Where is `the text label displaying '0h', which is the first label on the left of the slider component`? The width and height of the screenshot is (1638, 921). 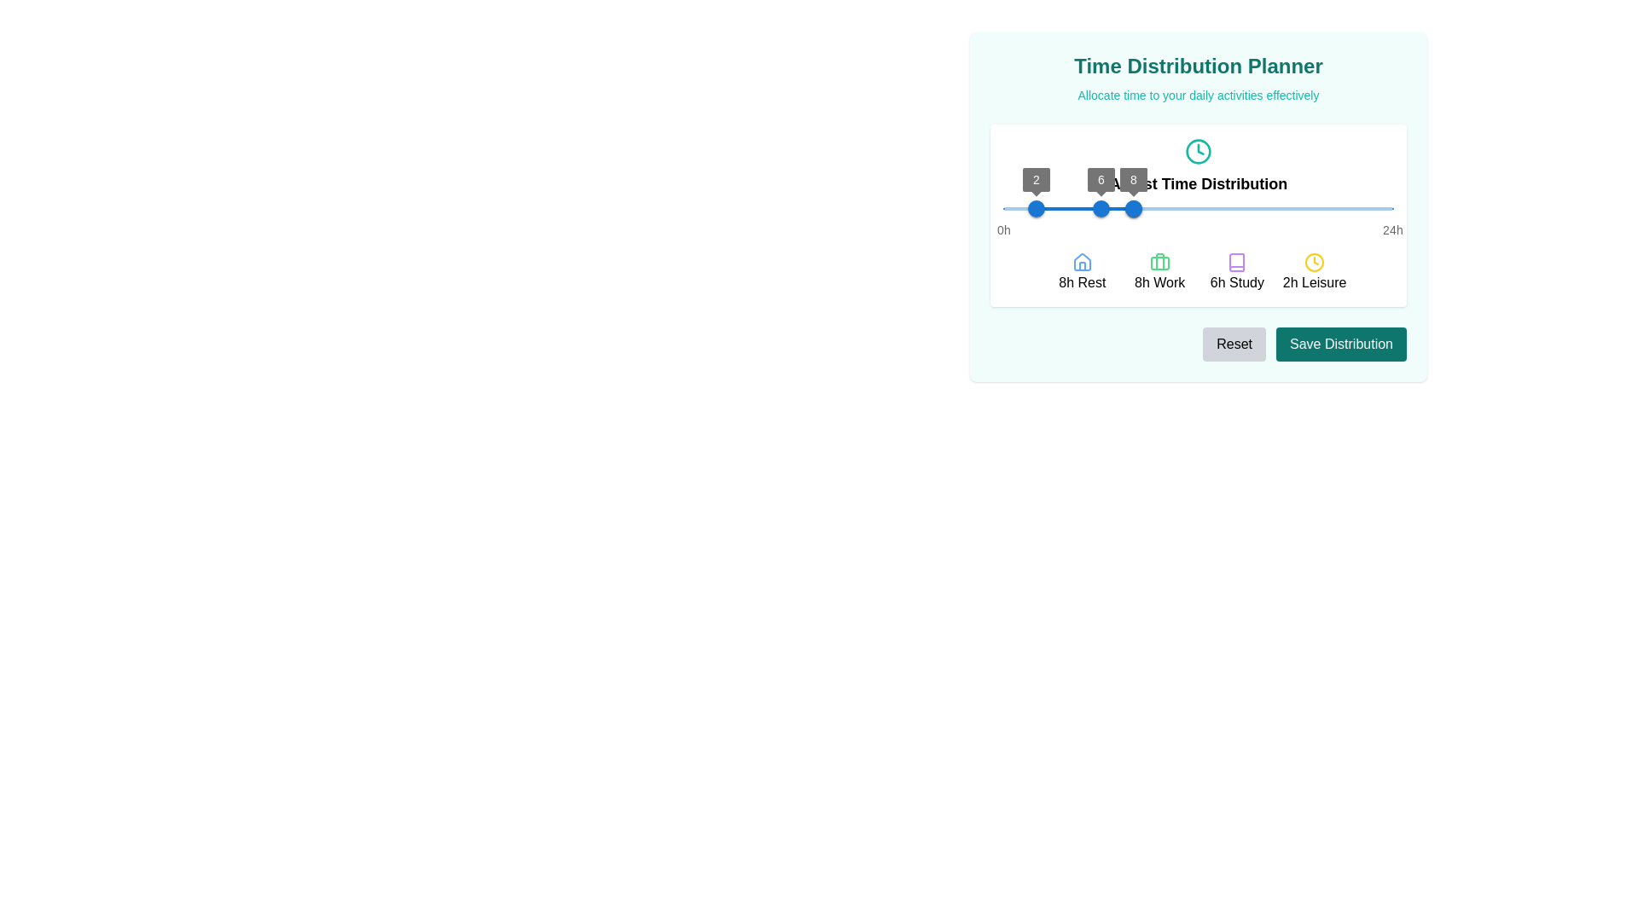 the text label displaying '0h', which is the first label on the left of the slider component is located at coordinates (1003, 230).